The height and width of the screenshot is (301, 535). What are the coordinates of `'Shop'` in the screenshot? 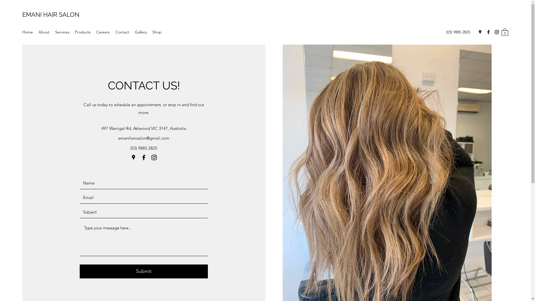 It's located at (157, 32).